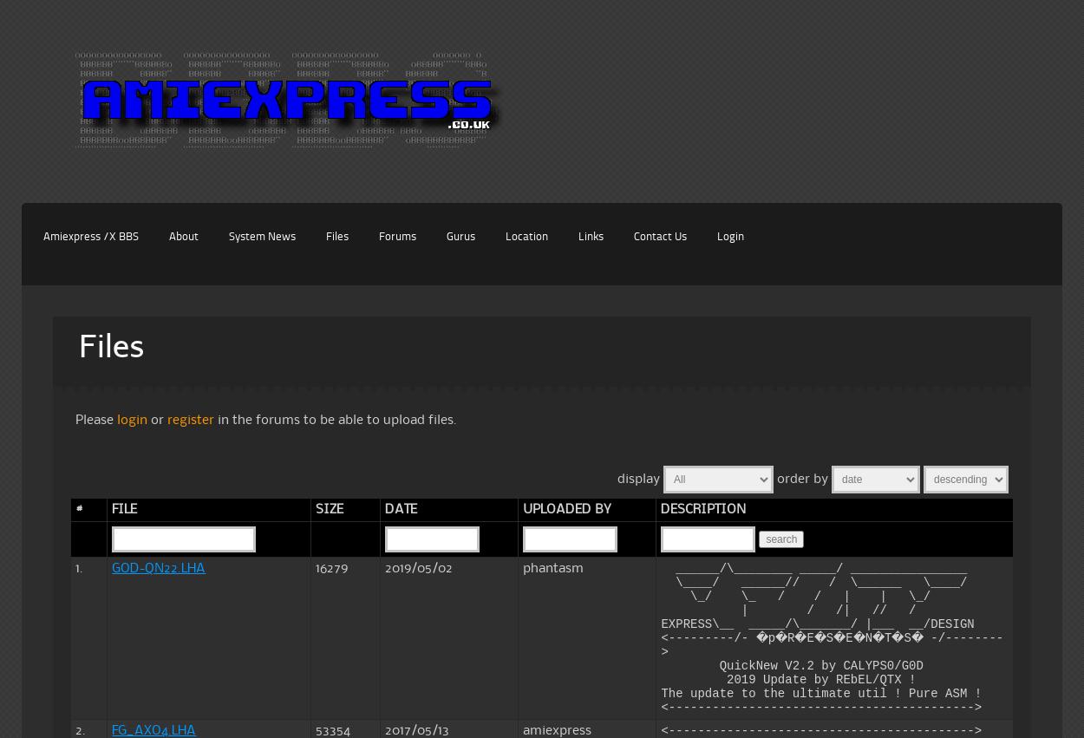  Describe the element at coordinates (806, 596) in the screenshot. I see `'\_/    \_   /    /   |    |   \_/'` at that location.